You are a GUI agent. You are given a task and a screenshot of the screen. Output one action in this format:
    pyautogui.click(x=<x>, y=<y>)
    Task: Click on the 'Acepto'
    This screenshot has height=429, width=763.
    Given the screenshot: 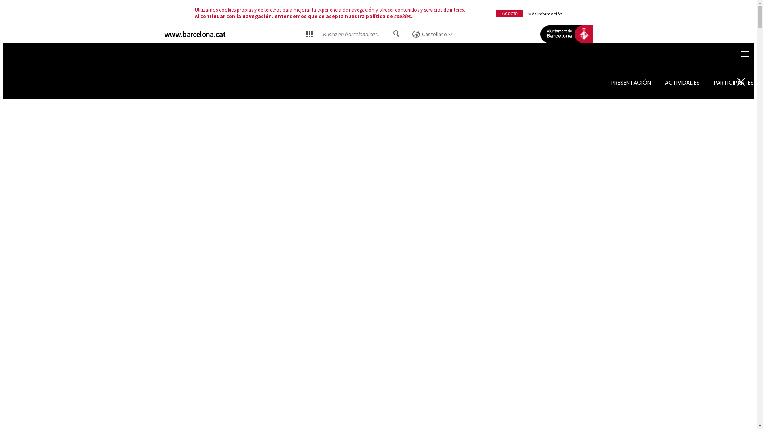 What is the action you would take?
    pyautogui.click(x=509, y=14)
    